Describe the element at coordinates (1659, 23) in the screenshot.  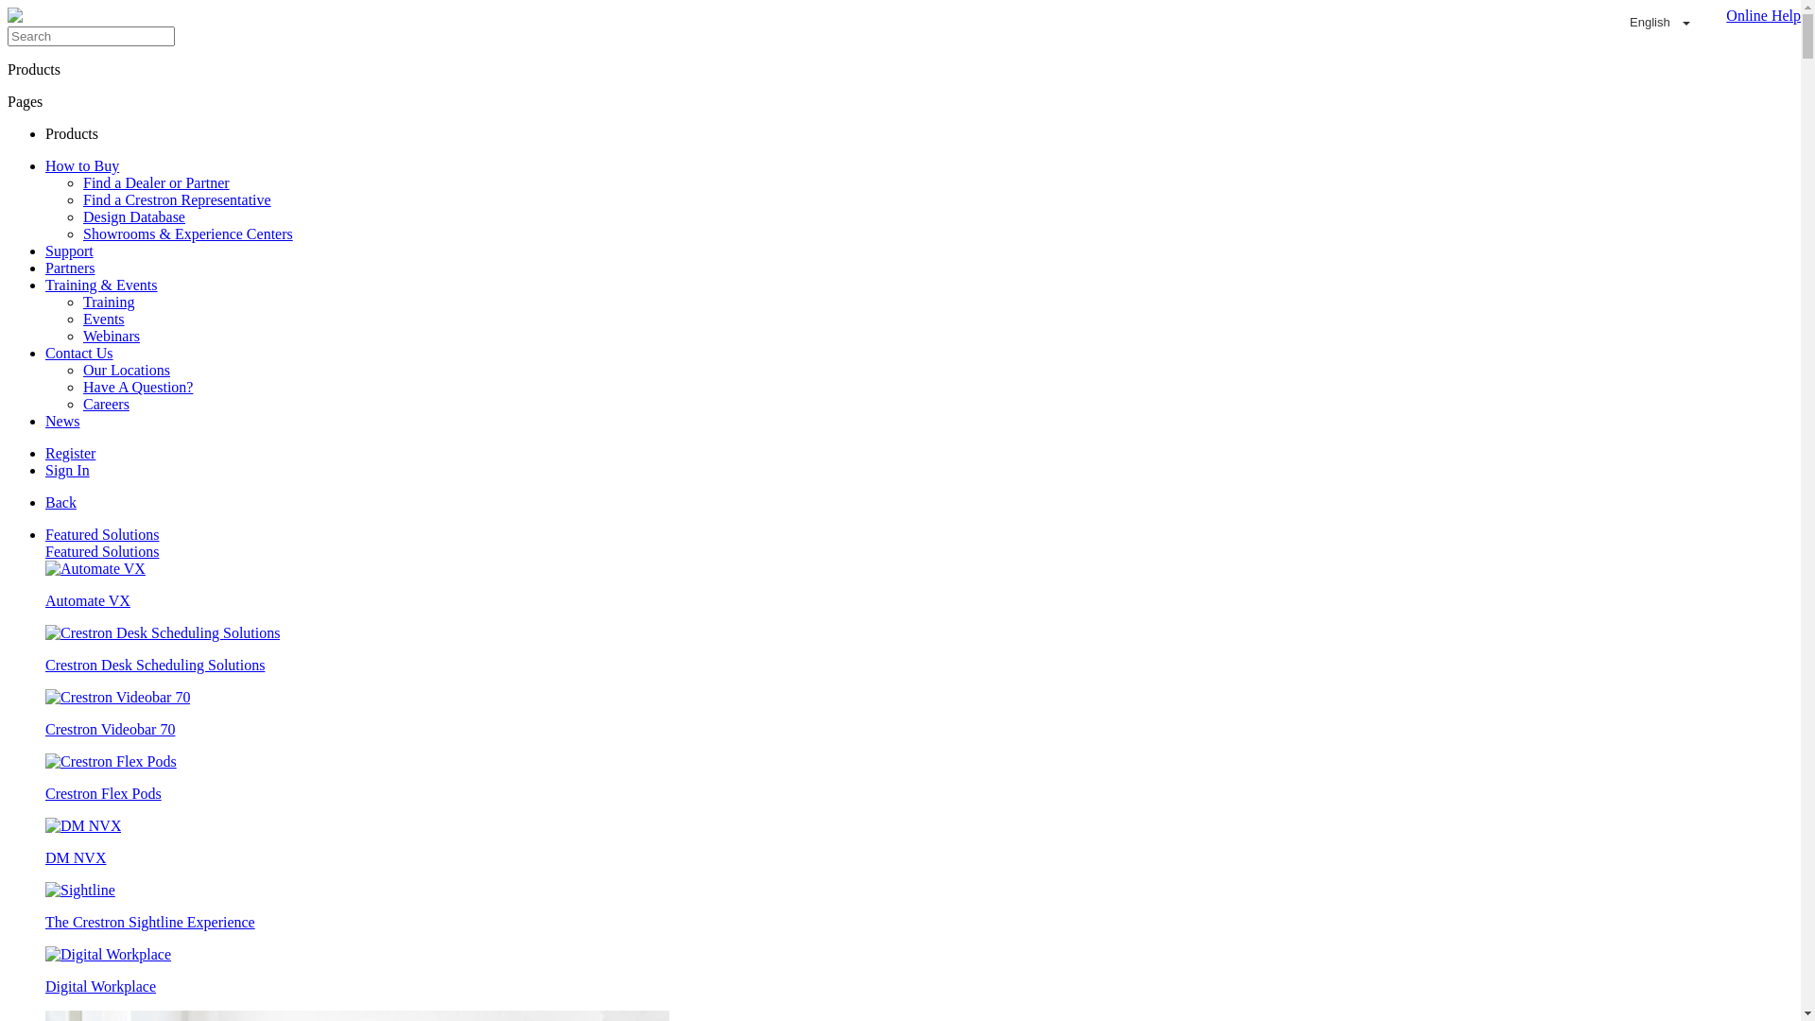
I see `'English'` at that location.